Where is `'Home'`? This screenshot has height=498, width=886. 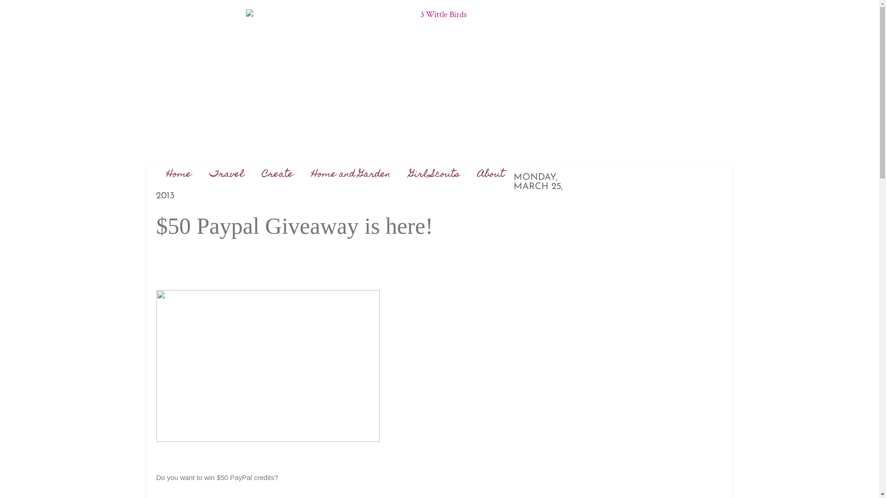 'Home' is located at coordinates (178, 174).